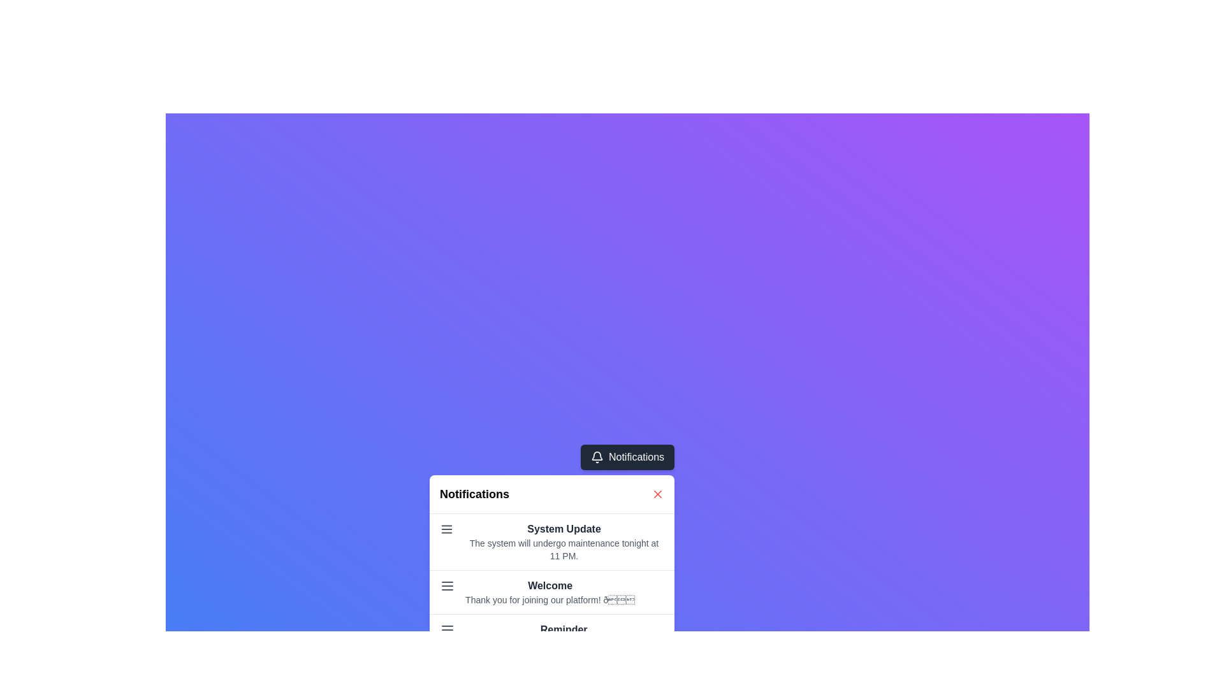 The height and width of the screenshot is (688, 1224). What do you see at coordinates (552, 636) in the screenshot?
I see `the notification item displaying the bold text 'Reminder' and the description 'Your meeting is scheduled for tomorrow at 10 AM.'` at bounding box center [552, 636].